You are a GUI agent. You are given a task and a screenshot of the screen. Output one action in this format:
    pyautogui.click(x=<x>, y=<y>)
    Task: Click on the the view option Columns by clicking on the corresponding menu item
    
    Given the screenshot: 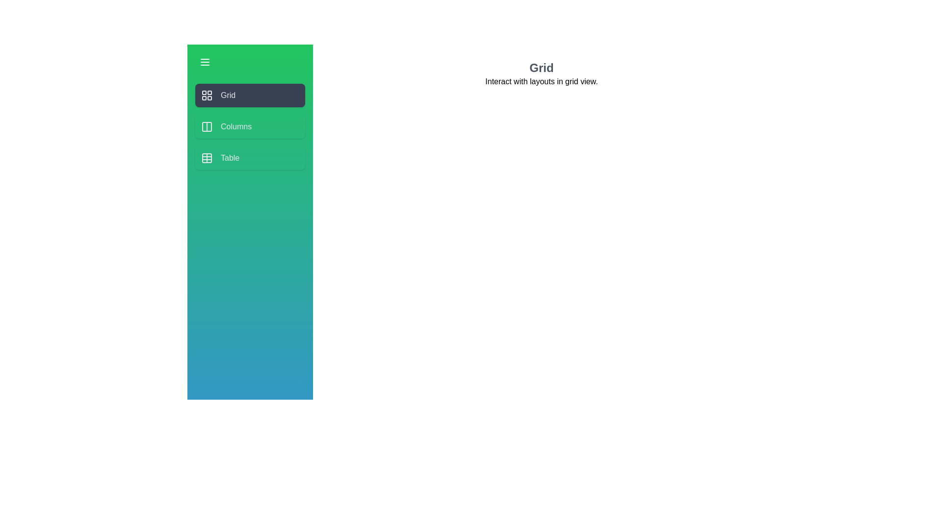 What is the action you would take?
    pyautogui.click(x=250, y=126)
    